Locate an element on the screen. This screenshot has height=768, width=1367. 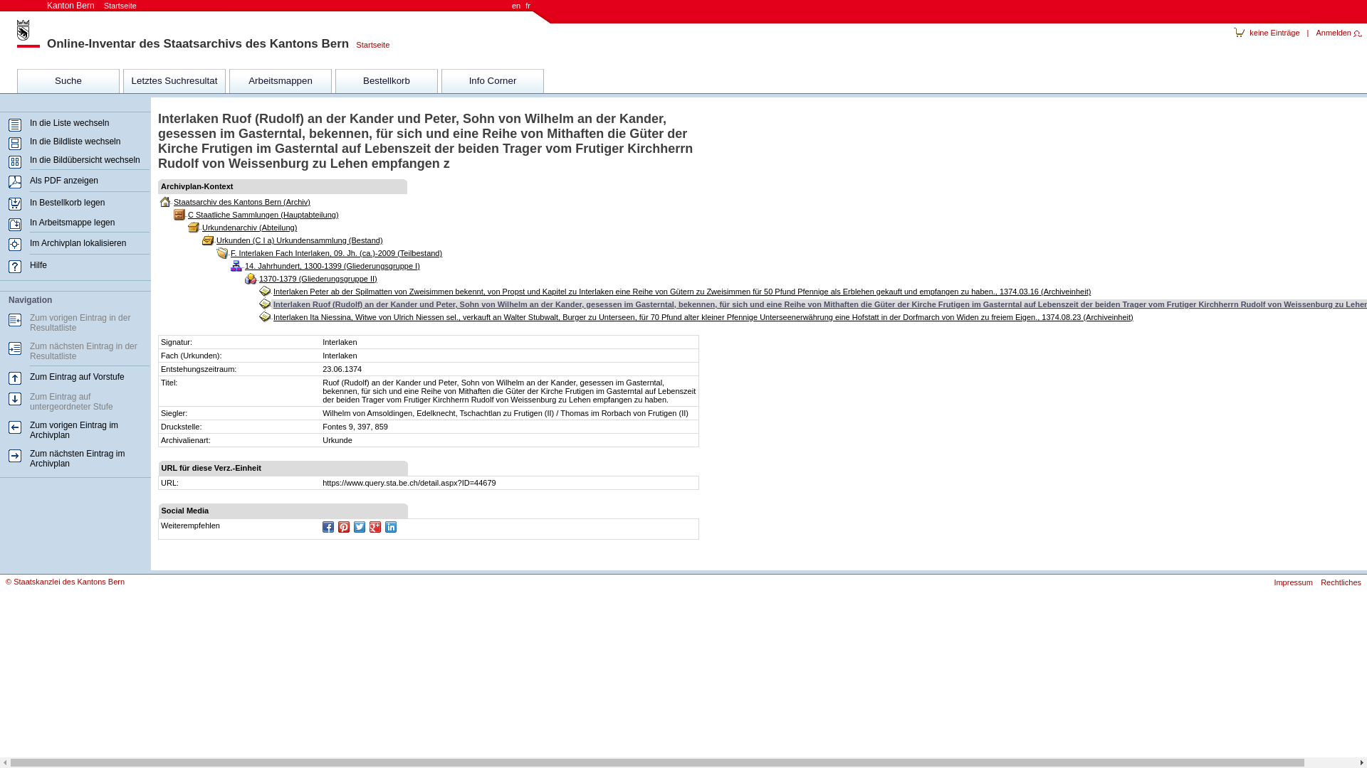
'Google' is located at coordinates (375, 526).